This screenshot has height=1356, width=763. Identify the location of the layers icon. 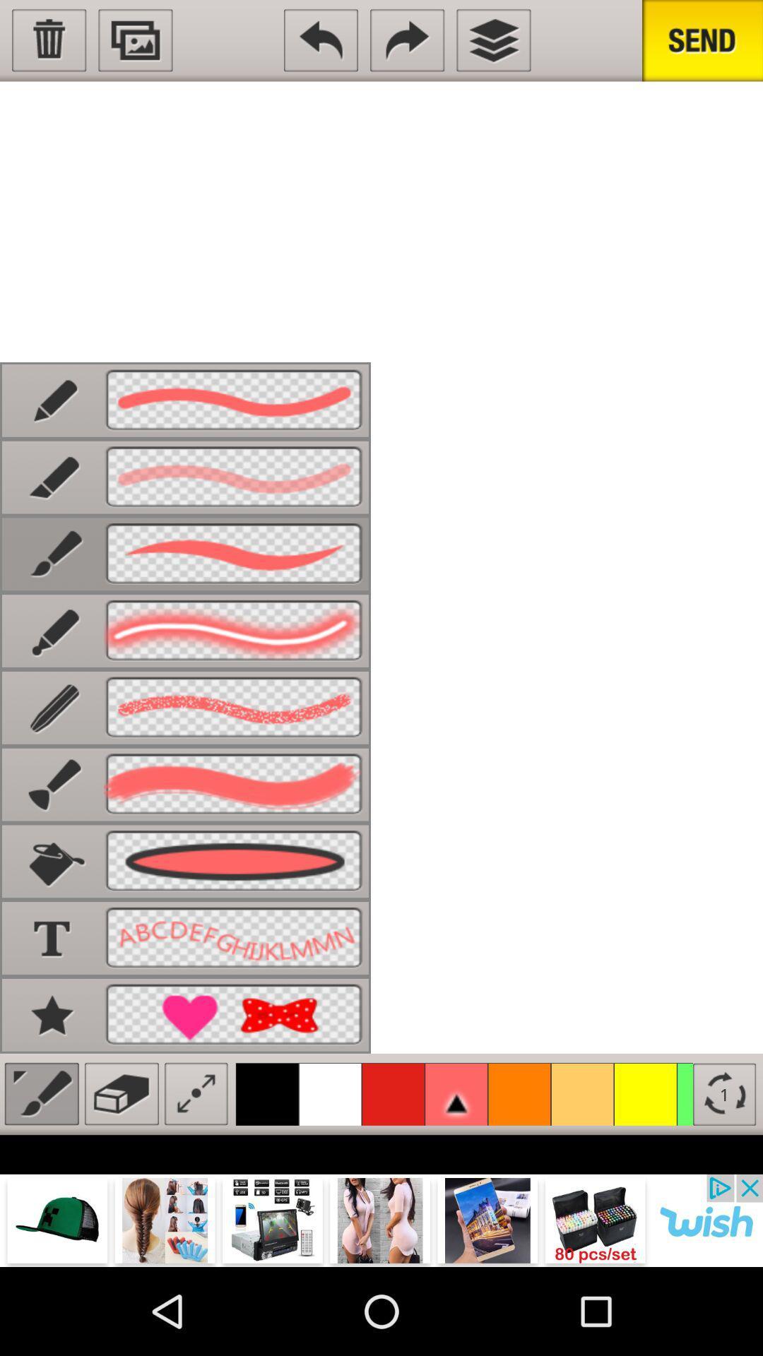
(492, 40).